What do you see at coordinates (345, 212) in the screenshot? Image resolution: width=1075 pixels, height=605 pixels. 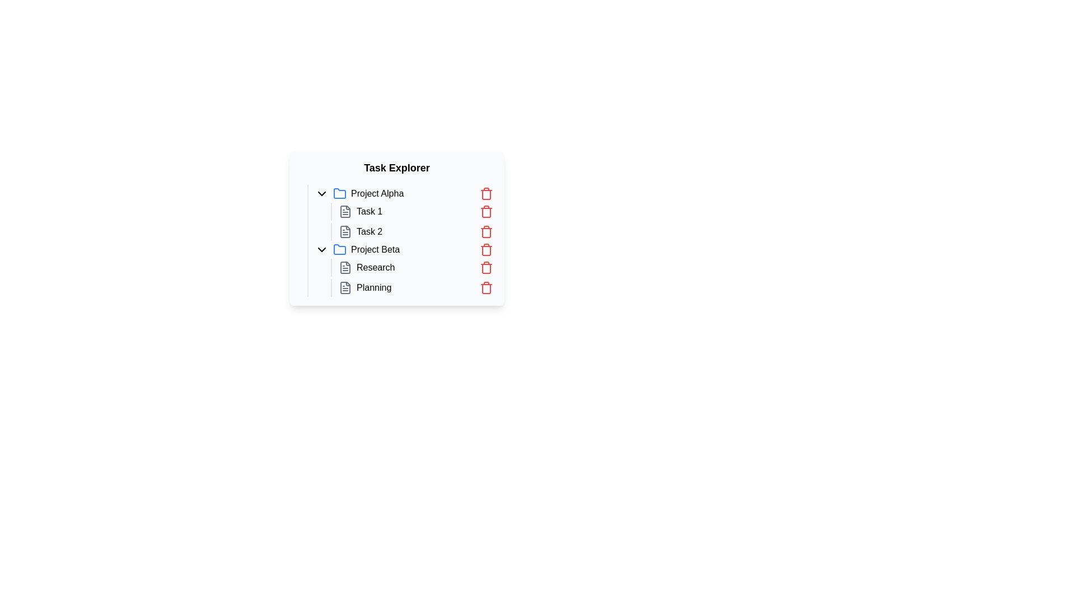 I see `the document icon representing 'Task 1', which is the first visual element on the left within its list item` at bounding box center [345, 212].